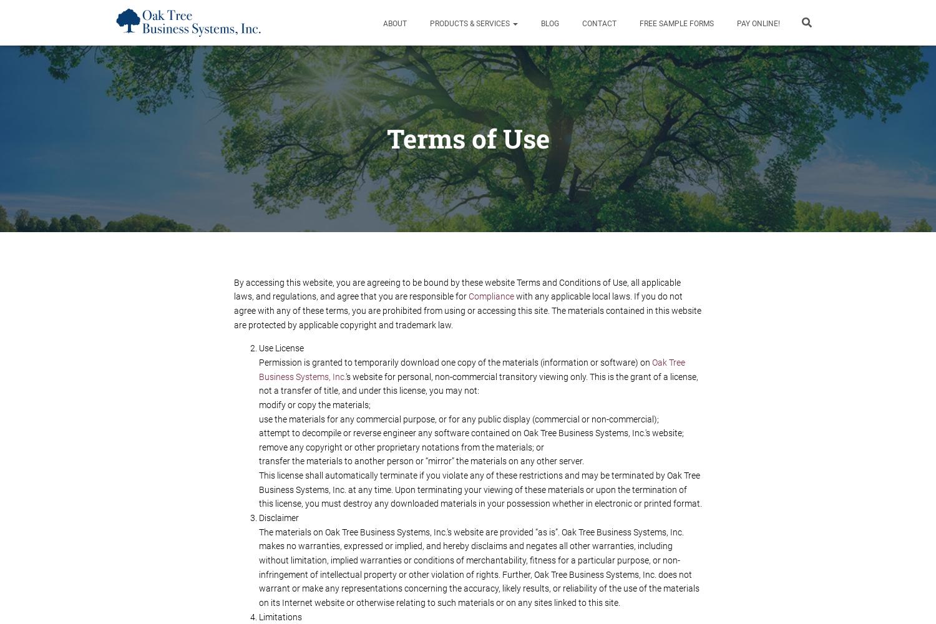 The height and width of the screenshot is (624, 936). Describe the element at coordinates (479, 567) in the screenshot. I see `'The materials on Oak Tree Business Systems, Inc.'s website are provided “as is”. Oak Tree Business Systems, Inc. makes no warranties, expressed or implied, and hereby disclaims and negates all other warranties, including without limitation, implied warranties or conditions of merchantability, fitness for a particular purpose, or non-infringement of intellectual property or other violation of rights. Further, Oak Tree Business Systems, Inc. does not warrant or make any representations concerning the accuracy, likely results, or reliability of the use of the materials on its Internet website or otherwise relating to such materials or on any sites linked to this site.'` at that location.